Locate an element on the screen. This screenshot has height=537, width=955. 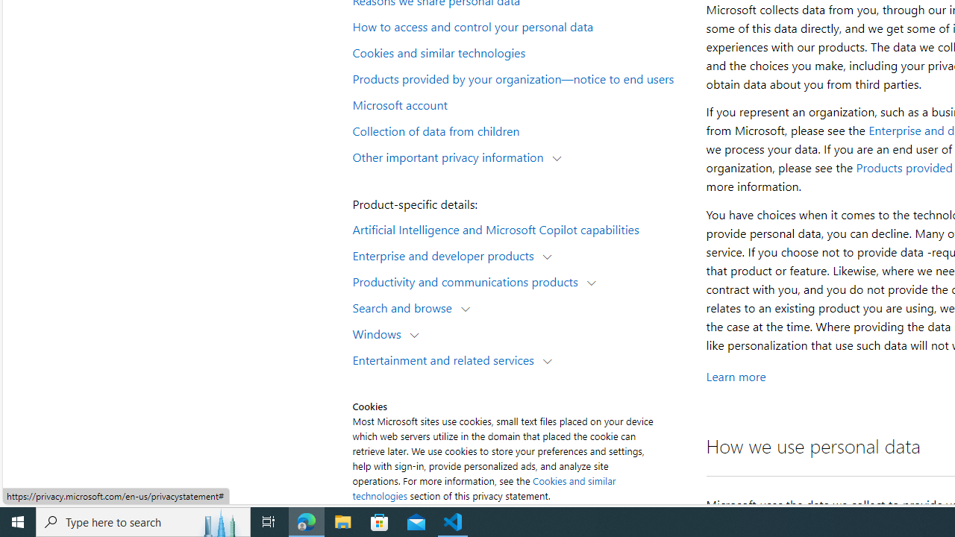
'Artificial Intelligence and Microsoft Copilot capabilities' is located at coordinates (519, 228).